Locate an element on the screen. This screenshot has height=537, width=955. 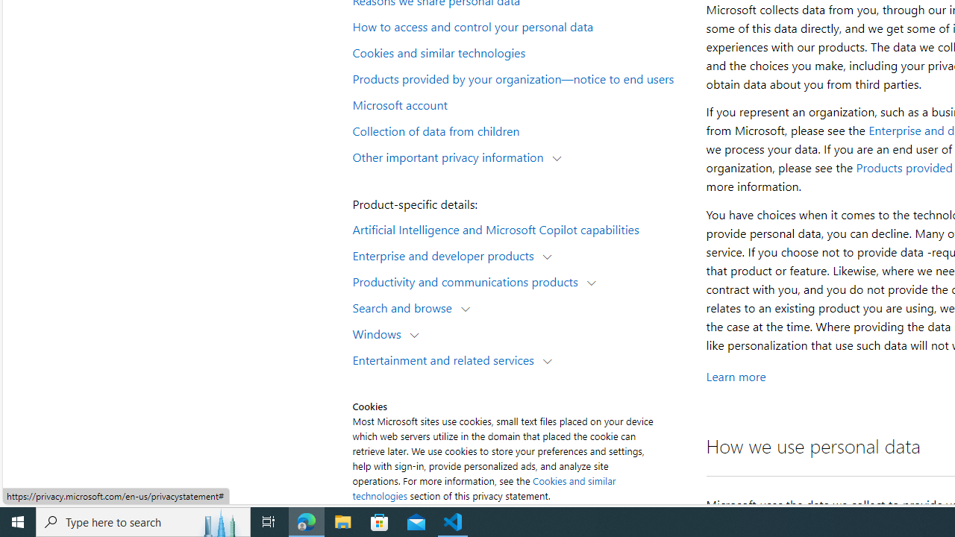
'Artificial Intelligence and Microsoft Copilot capabilities' is located at coordinates (519, 228).